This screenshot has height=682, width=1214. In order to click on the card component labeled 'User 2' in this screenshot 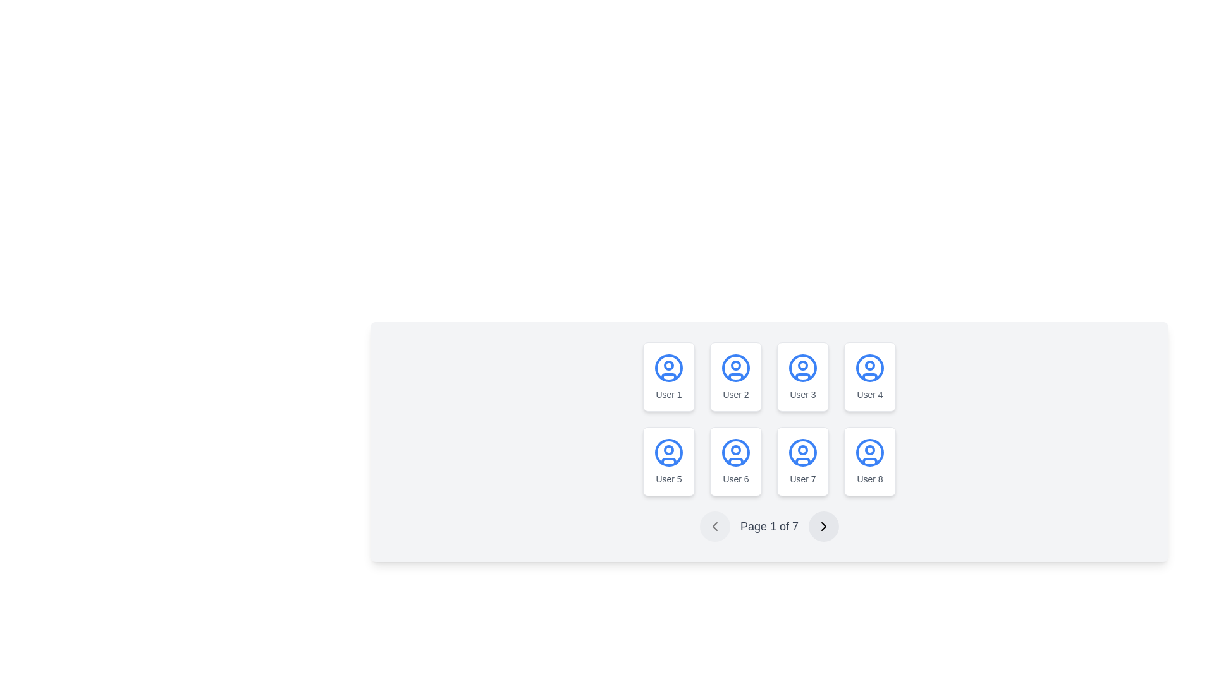, I will do `click(735, 376)`.